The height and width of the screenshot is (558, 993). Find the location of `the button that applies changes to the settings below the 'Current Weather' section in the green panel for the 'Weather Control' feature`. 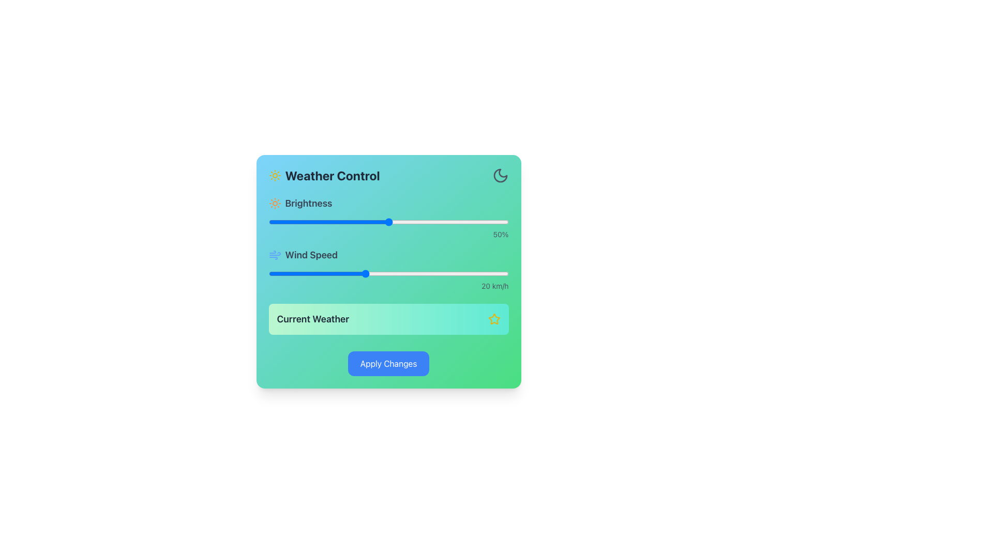

the button that applies changes to the settings below the 'Current Weather' section in the green panel for the 'Weather Control' feature is located at coordinates (388, 363).